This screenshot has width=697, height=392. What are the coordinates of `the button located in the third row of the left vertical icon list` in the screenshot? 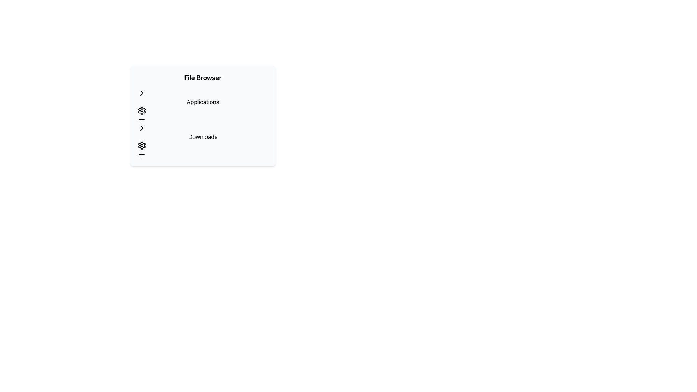 It's located at (142, 119).